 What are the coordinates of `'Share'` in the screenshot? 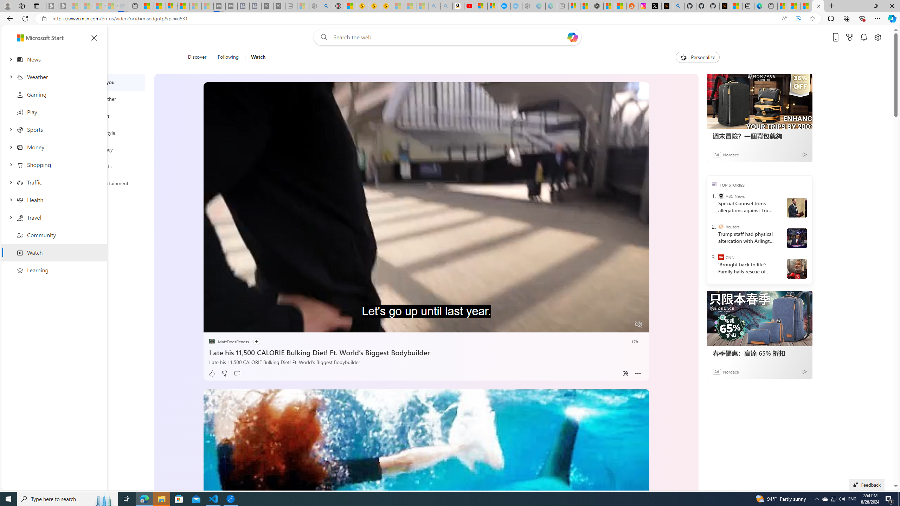 It's located at (625, 373).